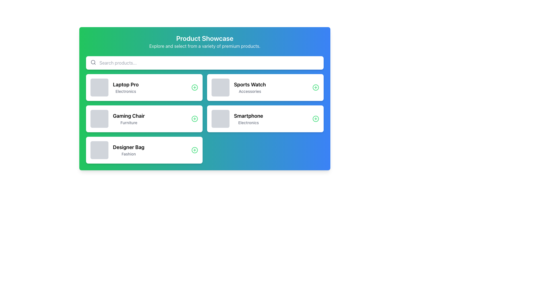 The image size is (538, 302). Describe the element at coordinates (316, 118) in the screenshot. I see `the green outlined circle button with a plus sign in the center, located at the top-right corner of the 'Smartphone Electronics' card` at that location.